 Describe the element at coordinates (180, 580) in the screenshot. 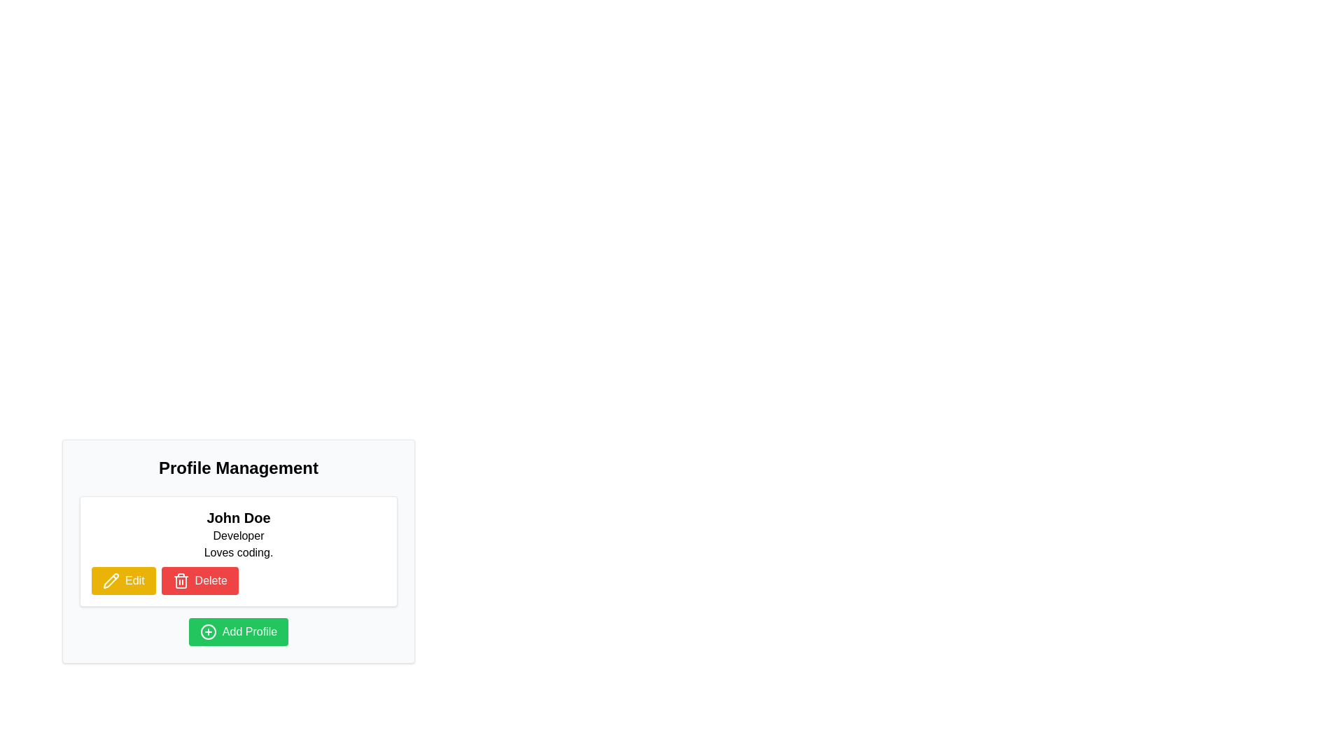

I see `the trash bin icon within the red button to initiate the delete action` at that location.